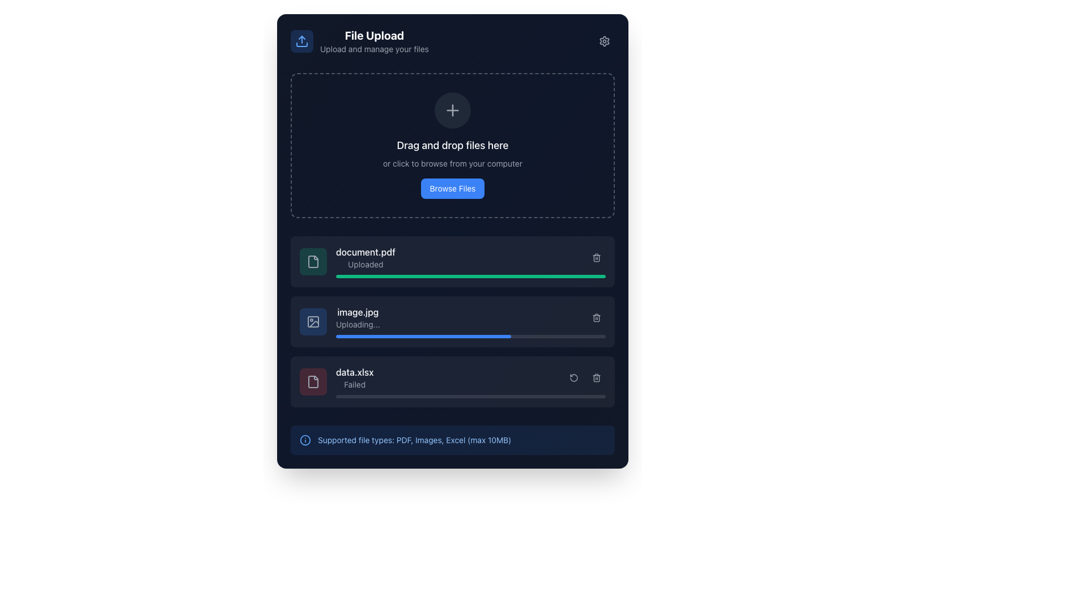 Image resolution: width=1088 pixels, height=612 pixels. I want to click on the decorative rectangle icon representing interaction related to the file 'image.jpg', located in the file upload interface area, so click(313, 321).